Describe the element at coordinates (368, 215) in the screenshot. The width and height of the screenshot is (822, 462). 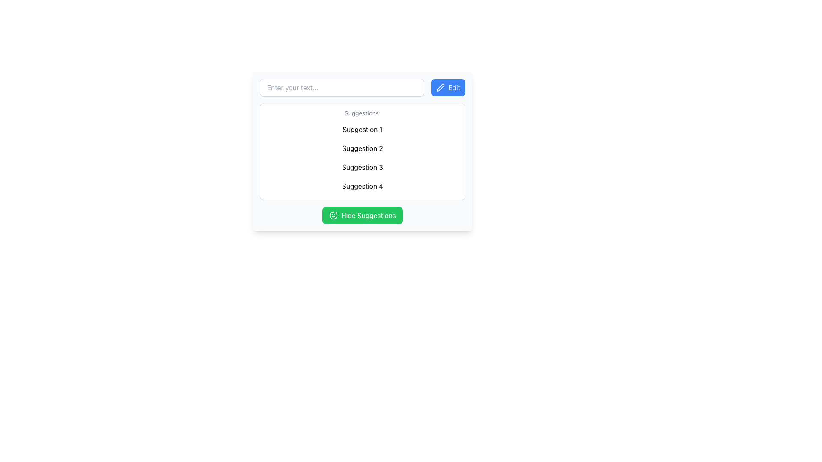
I see `the green button at the bottom center of the interface` at that location.